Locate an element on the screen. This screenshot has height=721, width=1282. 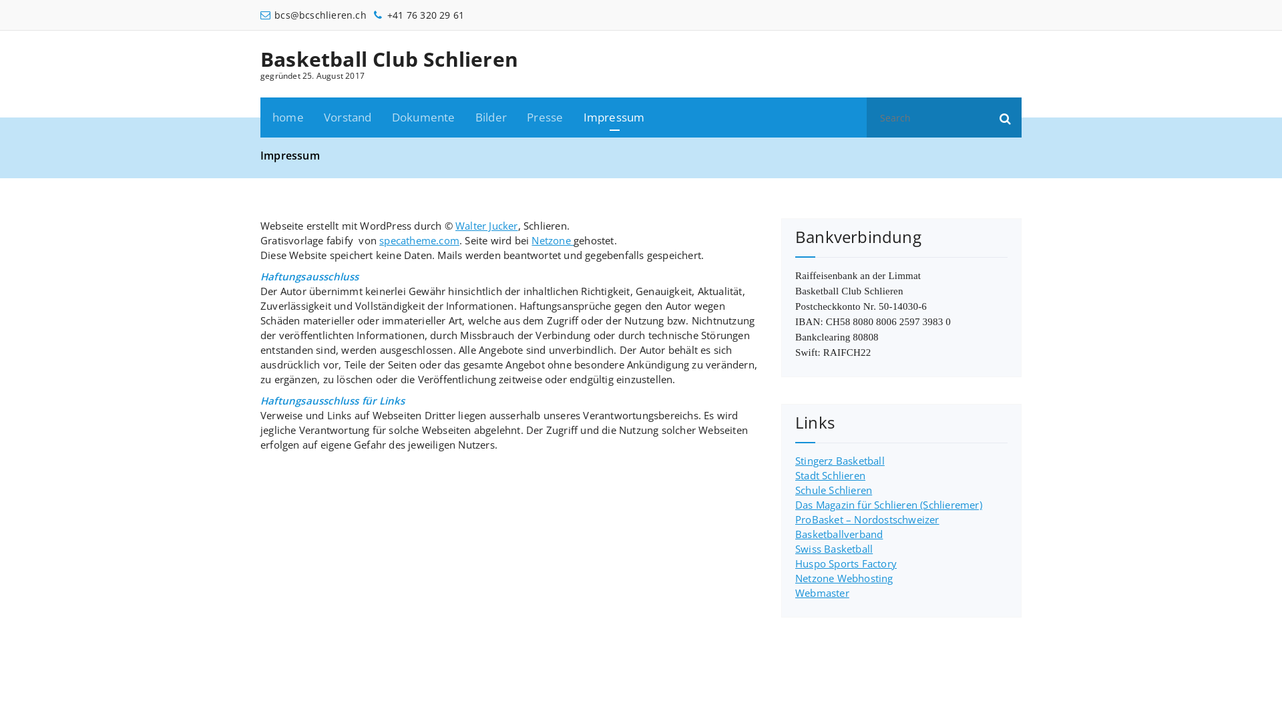
'Netzone' is located at coordinates (552, 239).